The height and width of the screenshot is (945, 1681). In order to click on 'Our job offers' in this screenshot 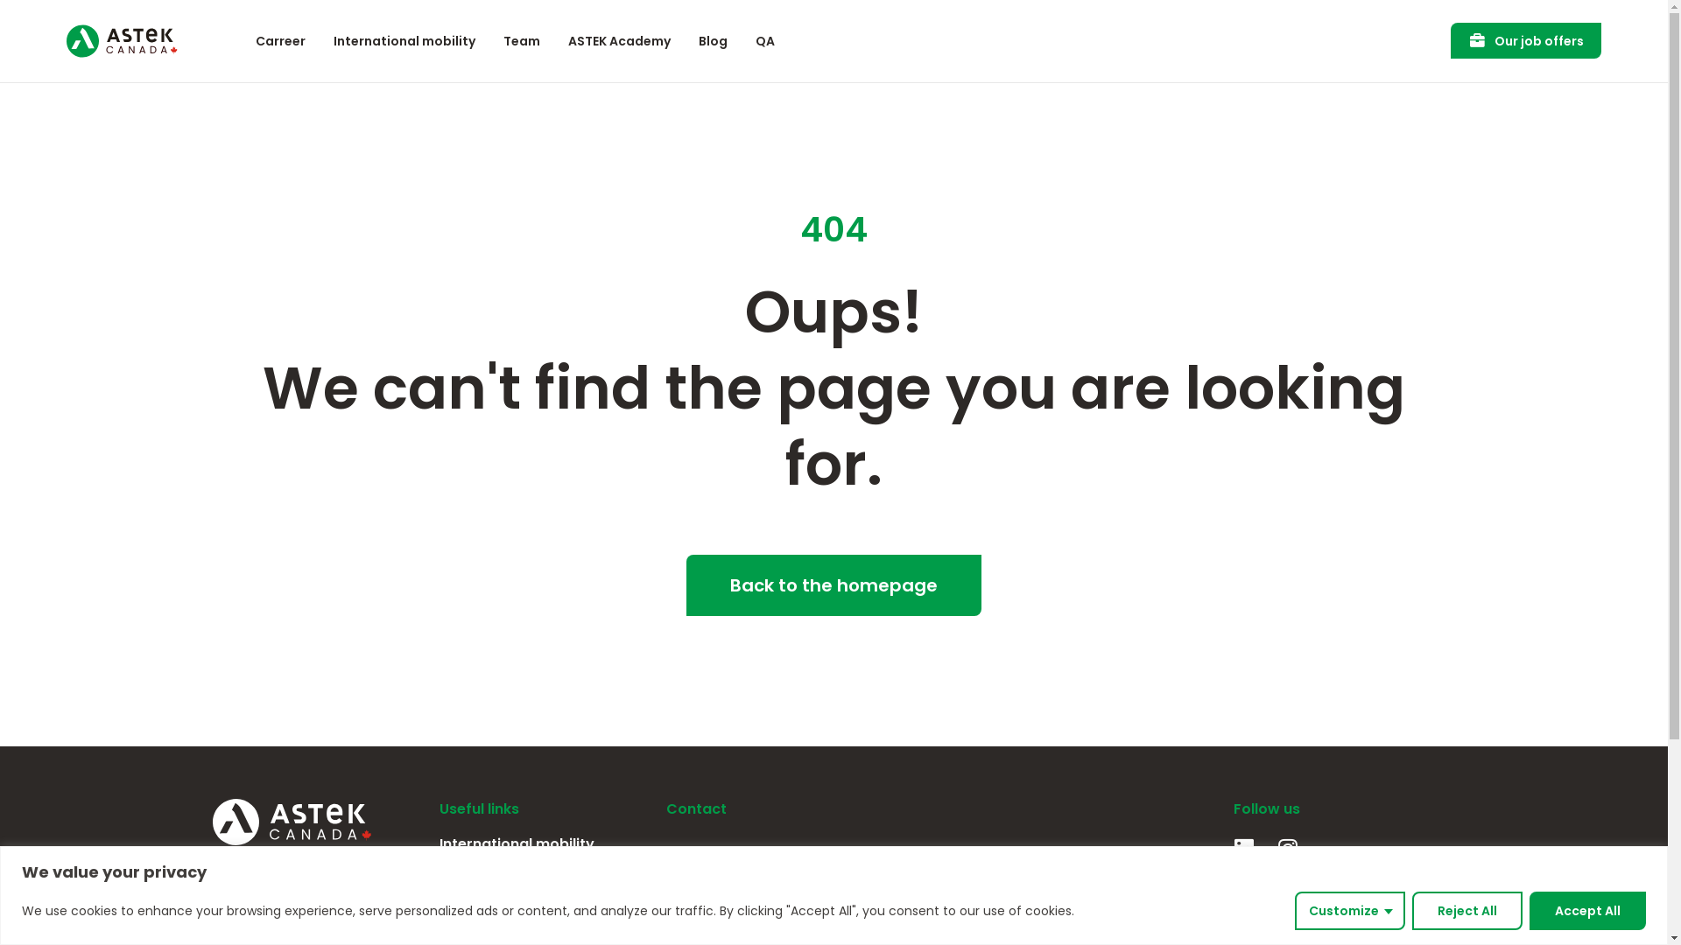, I will do `click(1524, 39)`.